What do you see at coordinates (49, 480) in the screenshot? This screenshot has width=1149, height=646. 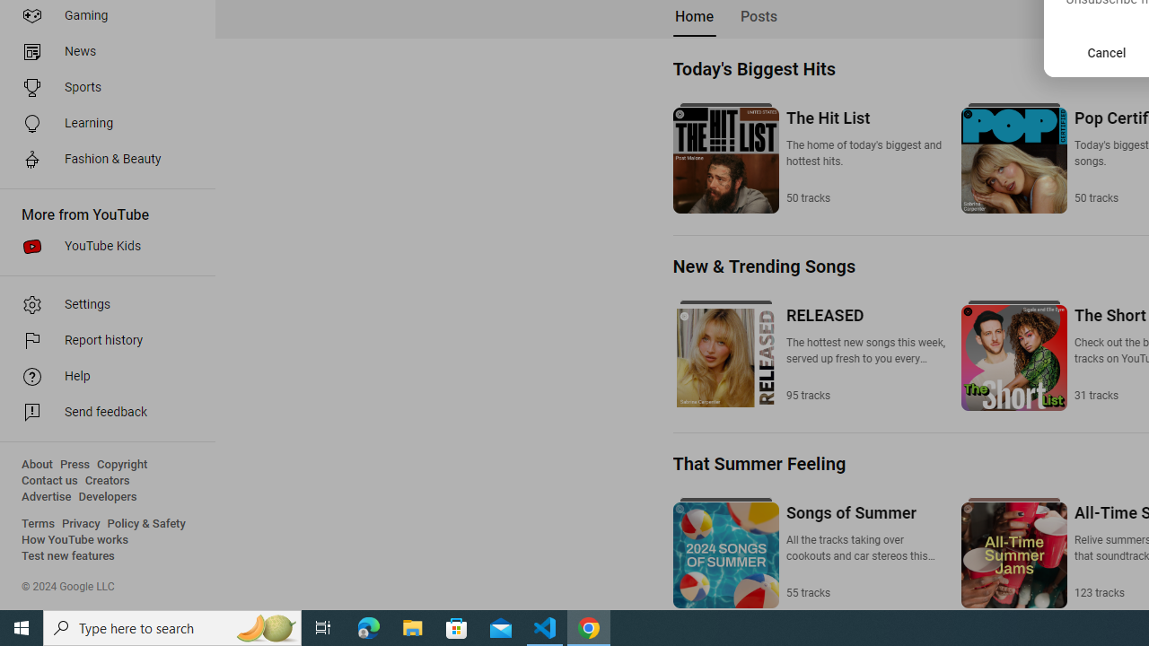 I see `'Contact us'` at bounding box center [49, 480].